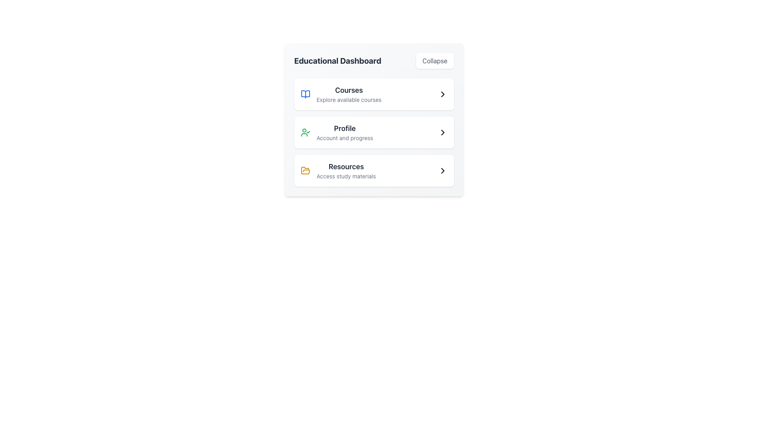 The height and width of the screenshot is (430, 766). I want to click on the static text located below the 'Profile' heading in the Educational Dashboard section, which provides a description for the Profile area, so click(345, 138).